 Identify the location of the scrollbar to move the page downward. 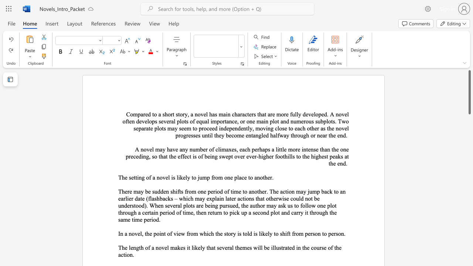
(469, 162).